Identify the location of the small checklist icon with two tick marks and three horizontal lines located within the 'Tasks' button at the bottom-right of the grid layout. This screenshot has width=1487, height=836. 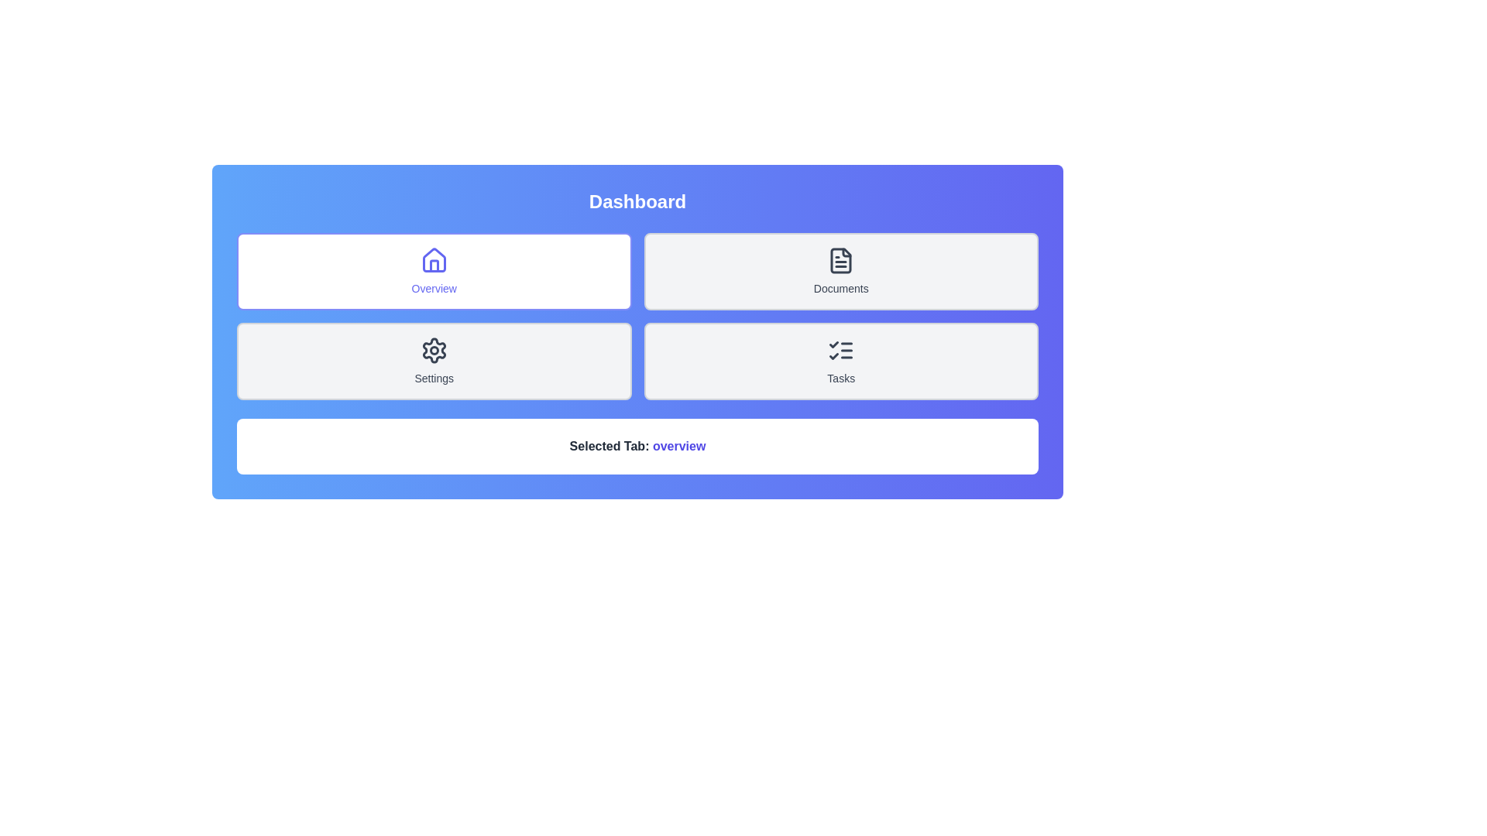
(840, 350).